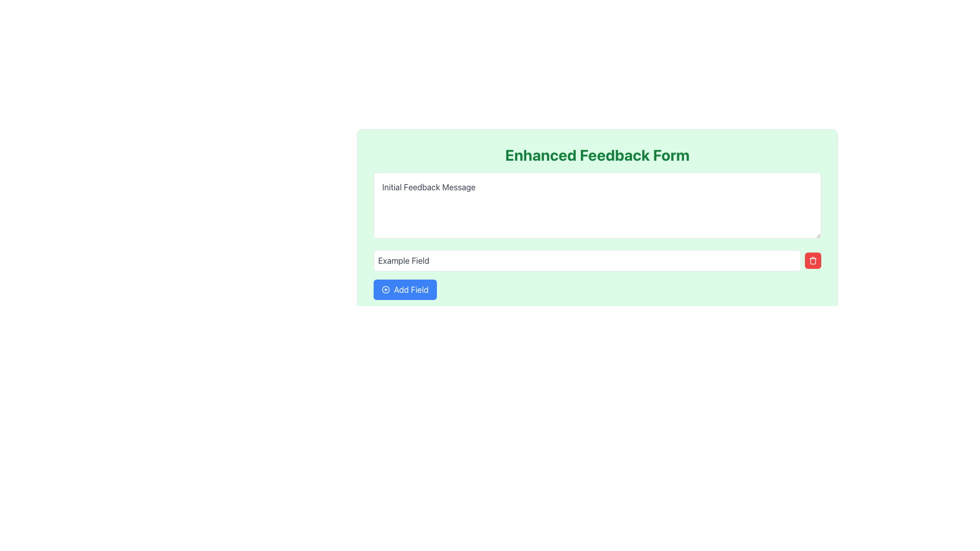 This screenshot has height=551, width=980. I want to click on the SVG Icon (circle plus symbol) located to the left of the 'Add Field' text within the button, so click(385, 289).